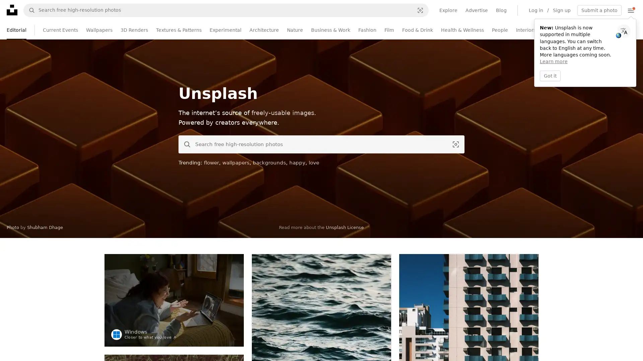 The width and height of the screenshot is (643, 361). What do you see at coordinates (185, 144) in the screenshot?
I see `Search Unsplash` at bounding box center [185, 144].